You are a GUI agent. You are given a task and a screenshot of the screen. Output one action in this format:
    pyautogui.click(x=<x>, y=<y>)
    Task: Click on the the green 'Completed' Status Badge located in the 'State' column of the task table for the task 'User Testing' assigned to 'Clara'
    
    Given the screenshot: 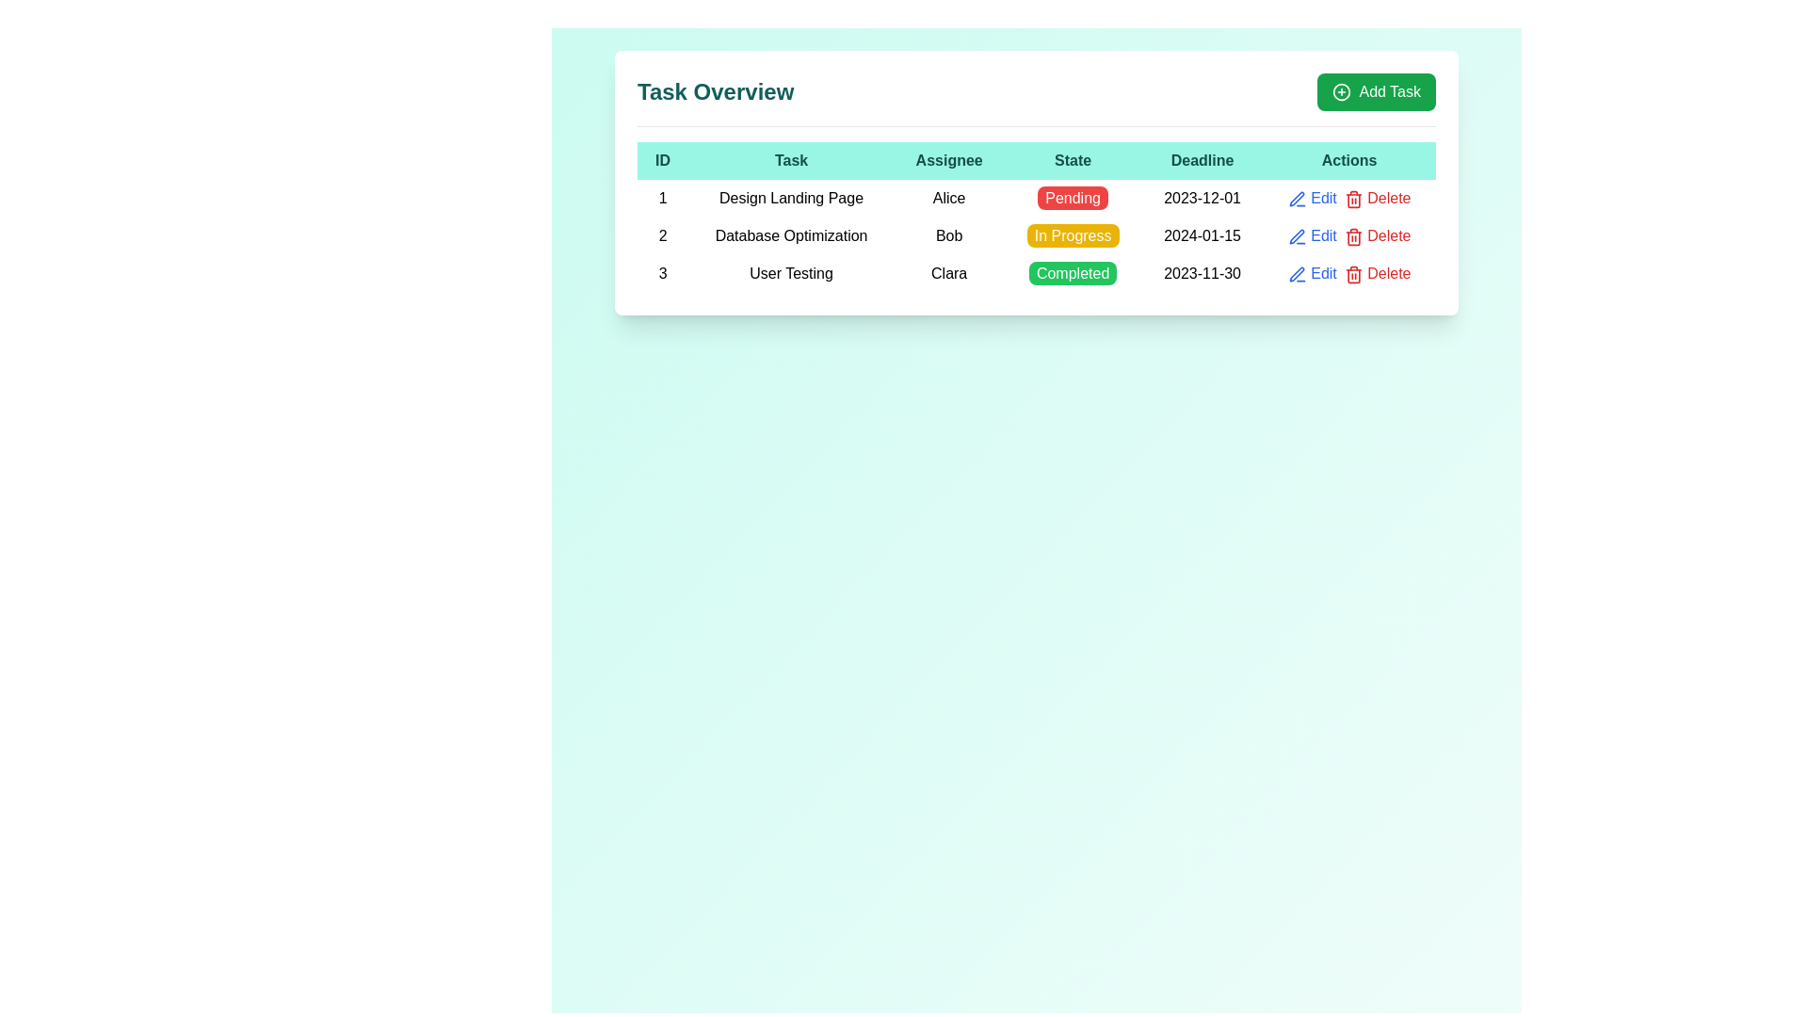 What is the action you would take?
    pyautogui.click(x=1073, y=273)
    